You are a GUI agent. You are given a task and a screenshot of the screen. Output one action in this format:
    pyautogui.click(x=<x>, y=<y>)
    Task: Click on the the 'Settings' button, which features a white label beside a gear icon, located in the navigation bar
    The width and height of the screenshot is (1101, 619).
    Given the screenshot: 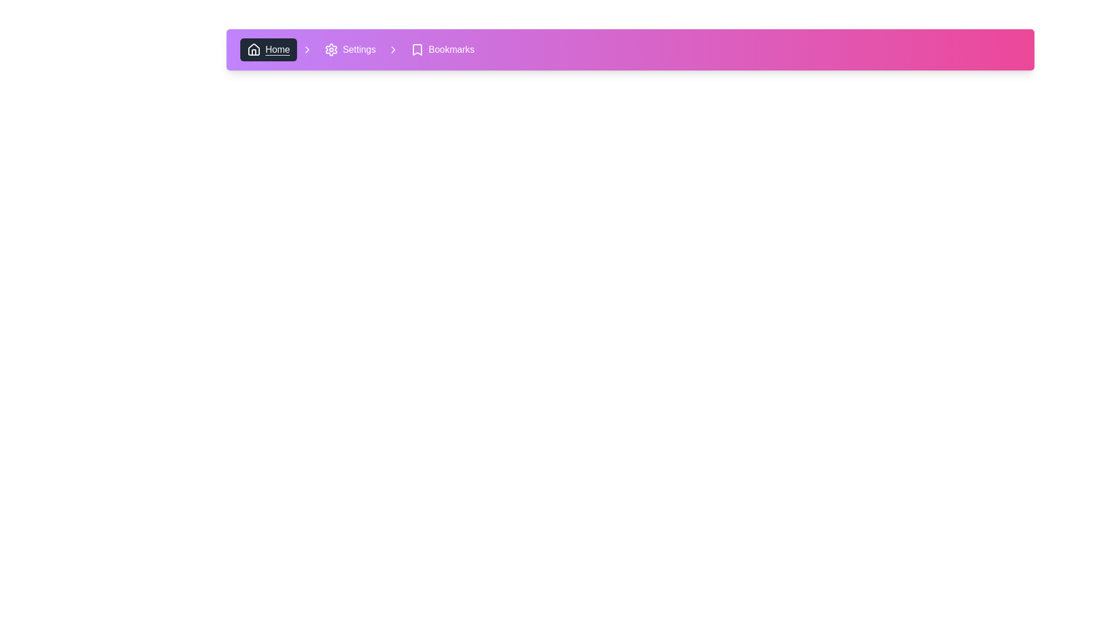 What is the action you would take?
    pyautogui.click(x=349, y=49)
    